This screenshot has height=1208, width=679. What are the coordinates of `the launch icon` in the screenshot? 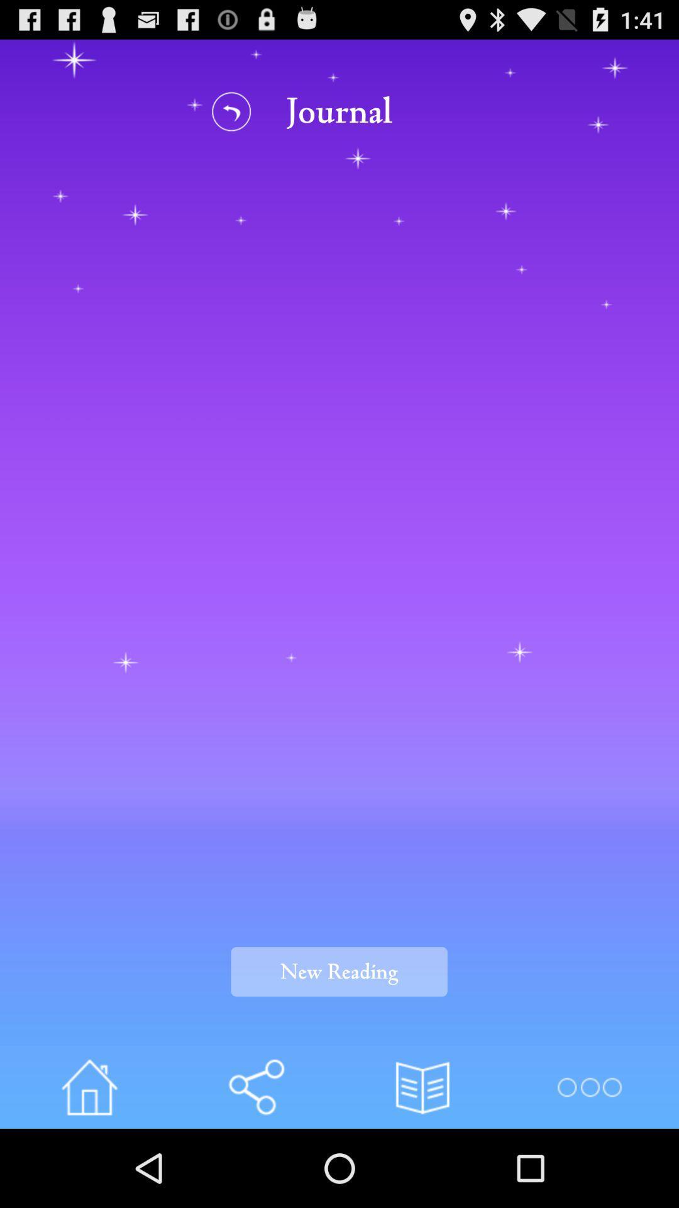 It's located at (89, 1163).